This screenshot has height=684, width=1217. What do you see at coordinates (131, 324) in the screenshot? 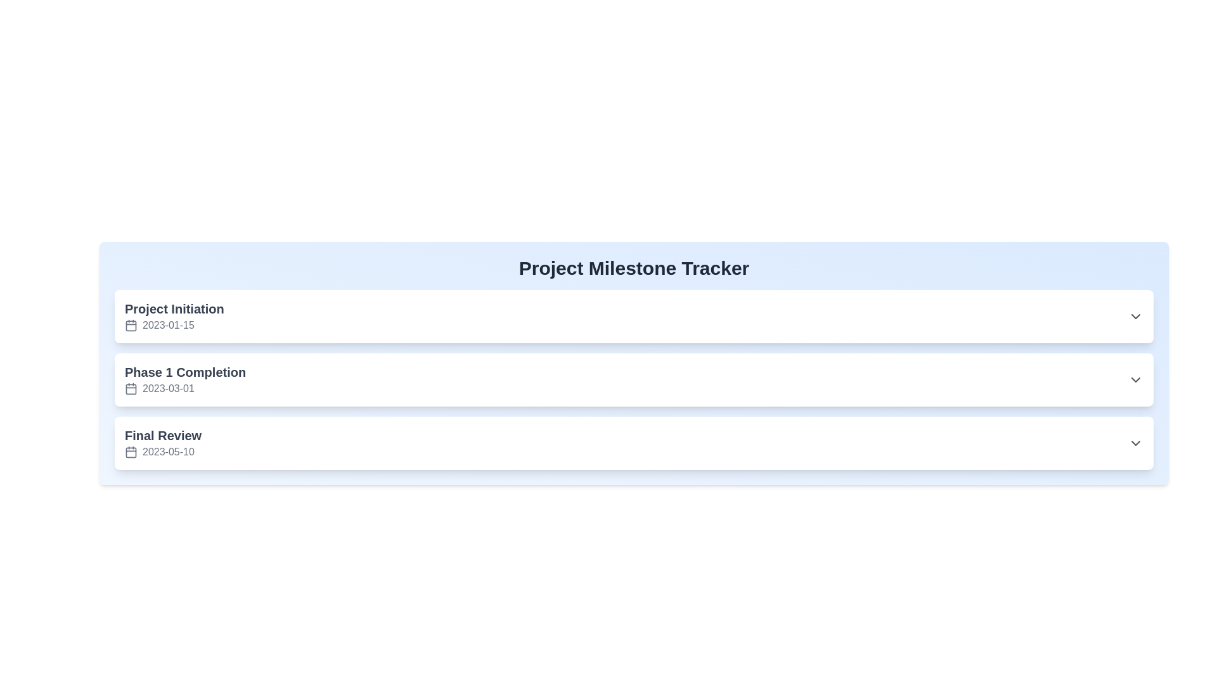
I see `the icon that visually represents the context of the date field associated with '2023-01-15', which is located in the first row of date-related entries` at bounding box center [131, 324].